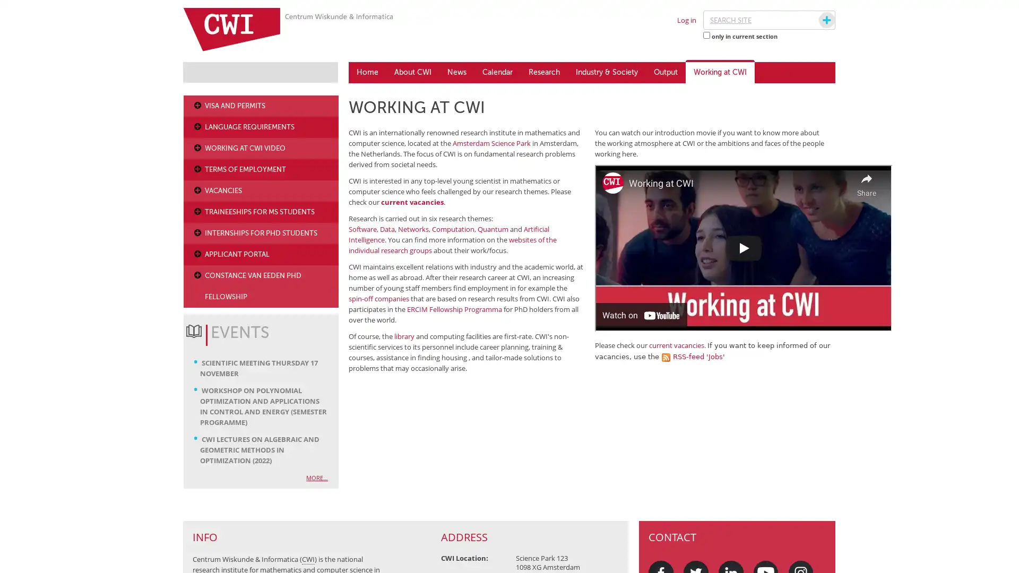 This screenshot has height=573, width=1019. What do you see at coordinates (816, 20) in the screenshot?
I see `Search` at bounding box center [816, 20].